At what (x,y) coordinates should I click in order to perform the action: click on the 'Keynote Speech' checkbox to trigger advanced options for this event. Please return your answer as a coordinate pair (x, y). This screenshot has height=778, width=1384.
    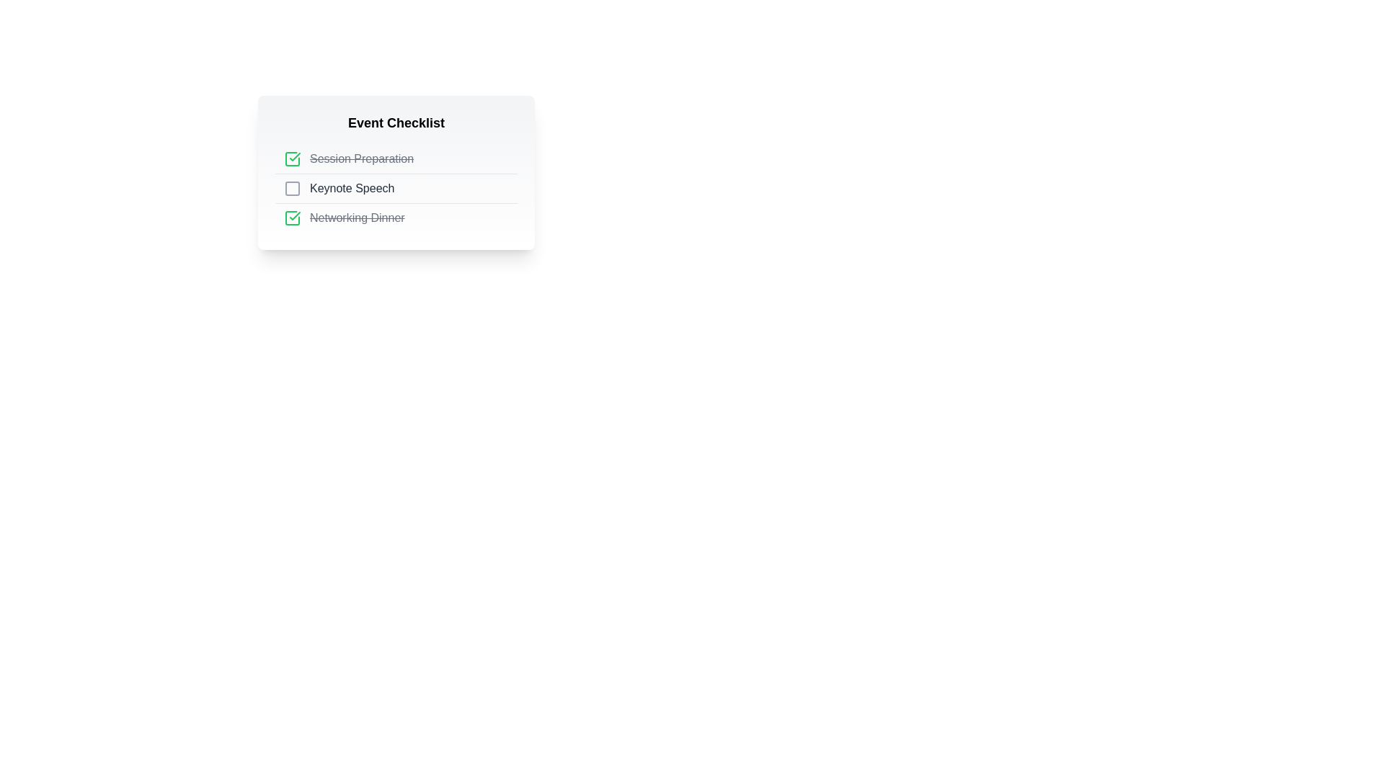
    Looking at the image, I should click on (396, 187).